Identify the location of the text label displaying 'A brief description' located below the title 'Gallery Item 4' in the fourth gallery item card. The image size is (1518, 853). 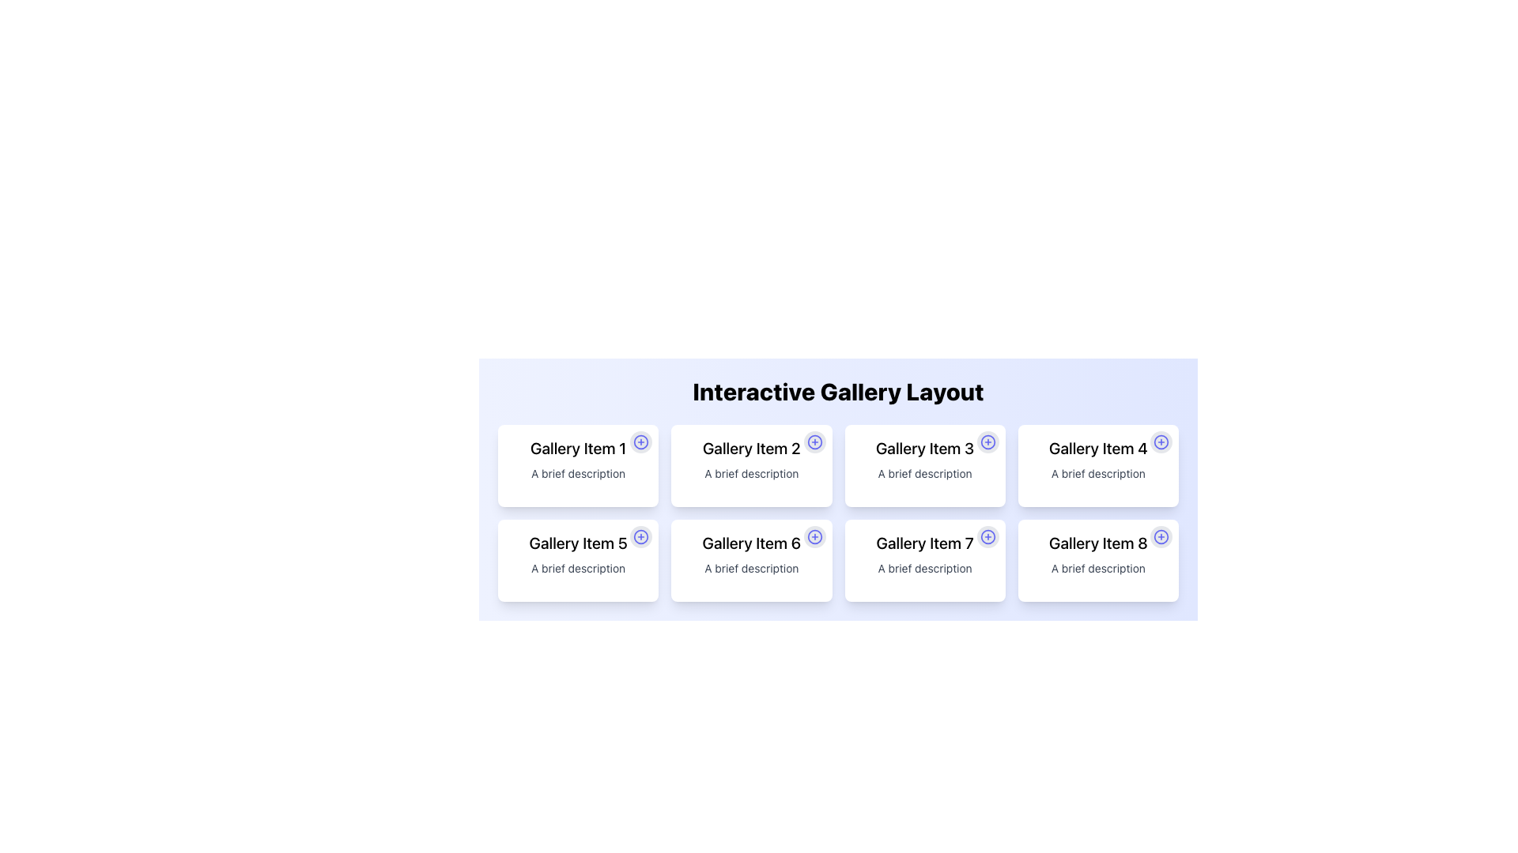
(1097, 473).